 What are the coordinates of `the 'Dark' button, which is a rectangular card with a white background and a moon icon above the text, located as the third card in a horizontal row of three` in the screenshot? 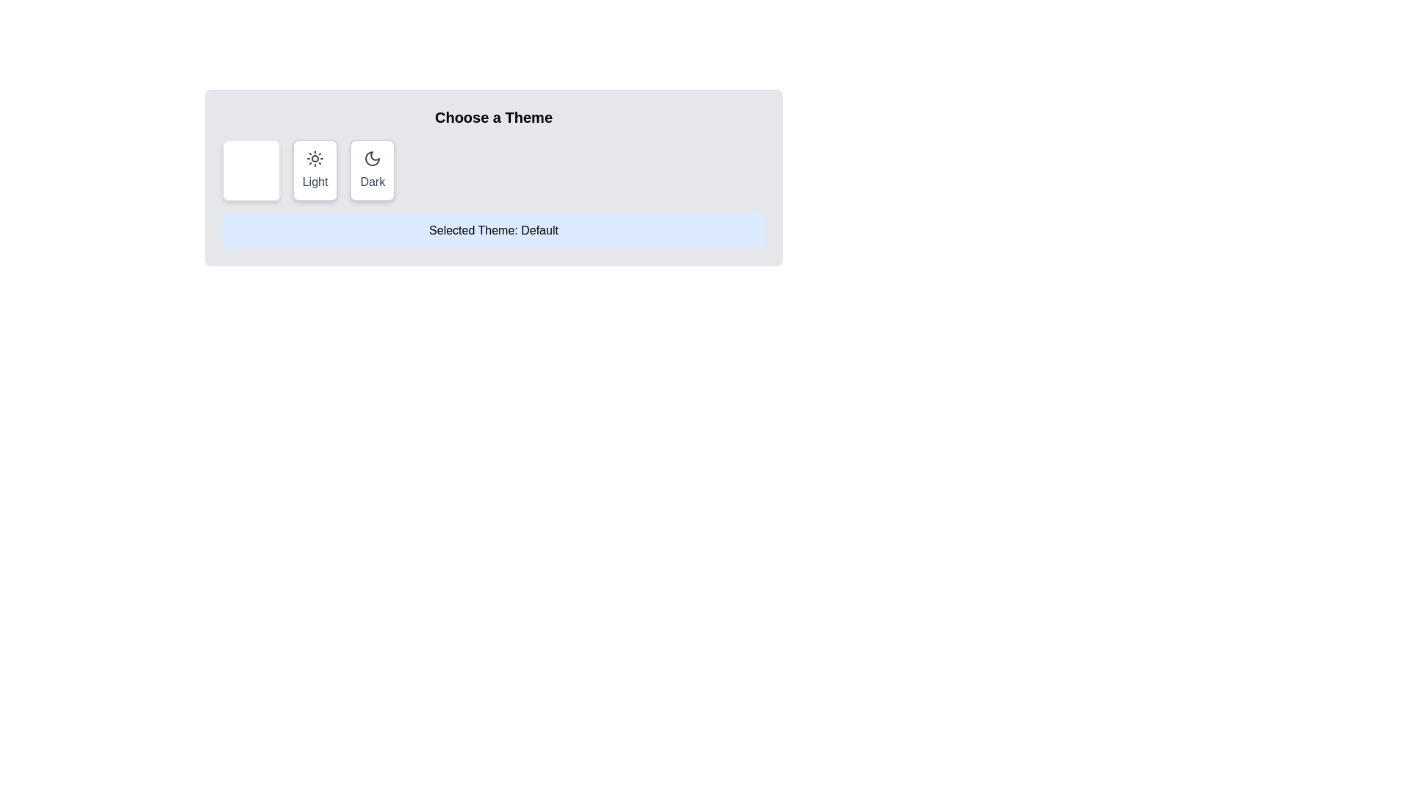 It's located at (373, 169).